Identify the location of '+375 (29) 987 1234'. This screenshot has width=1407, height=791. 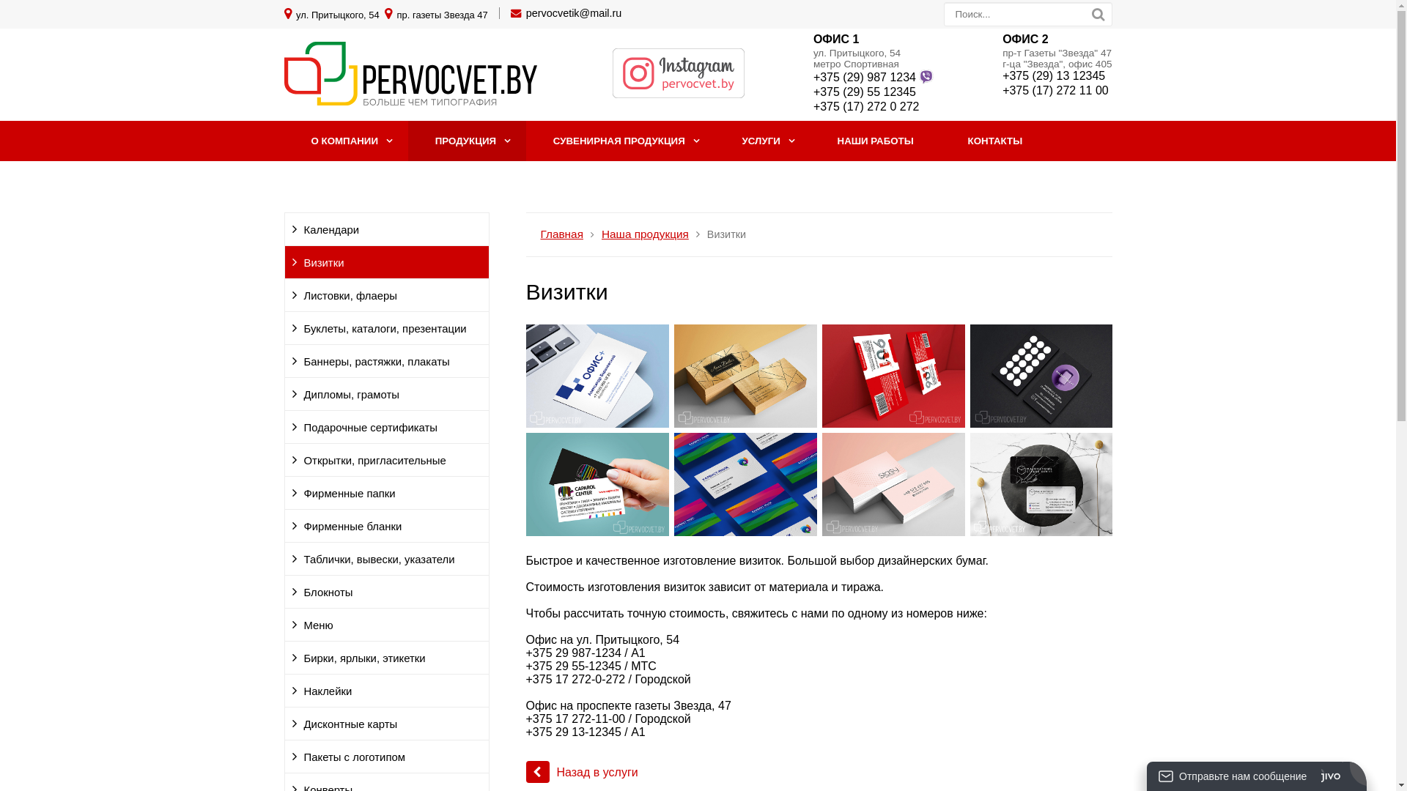
(812, 77).